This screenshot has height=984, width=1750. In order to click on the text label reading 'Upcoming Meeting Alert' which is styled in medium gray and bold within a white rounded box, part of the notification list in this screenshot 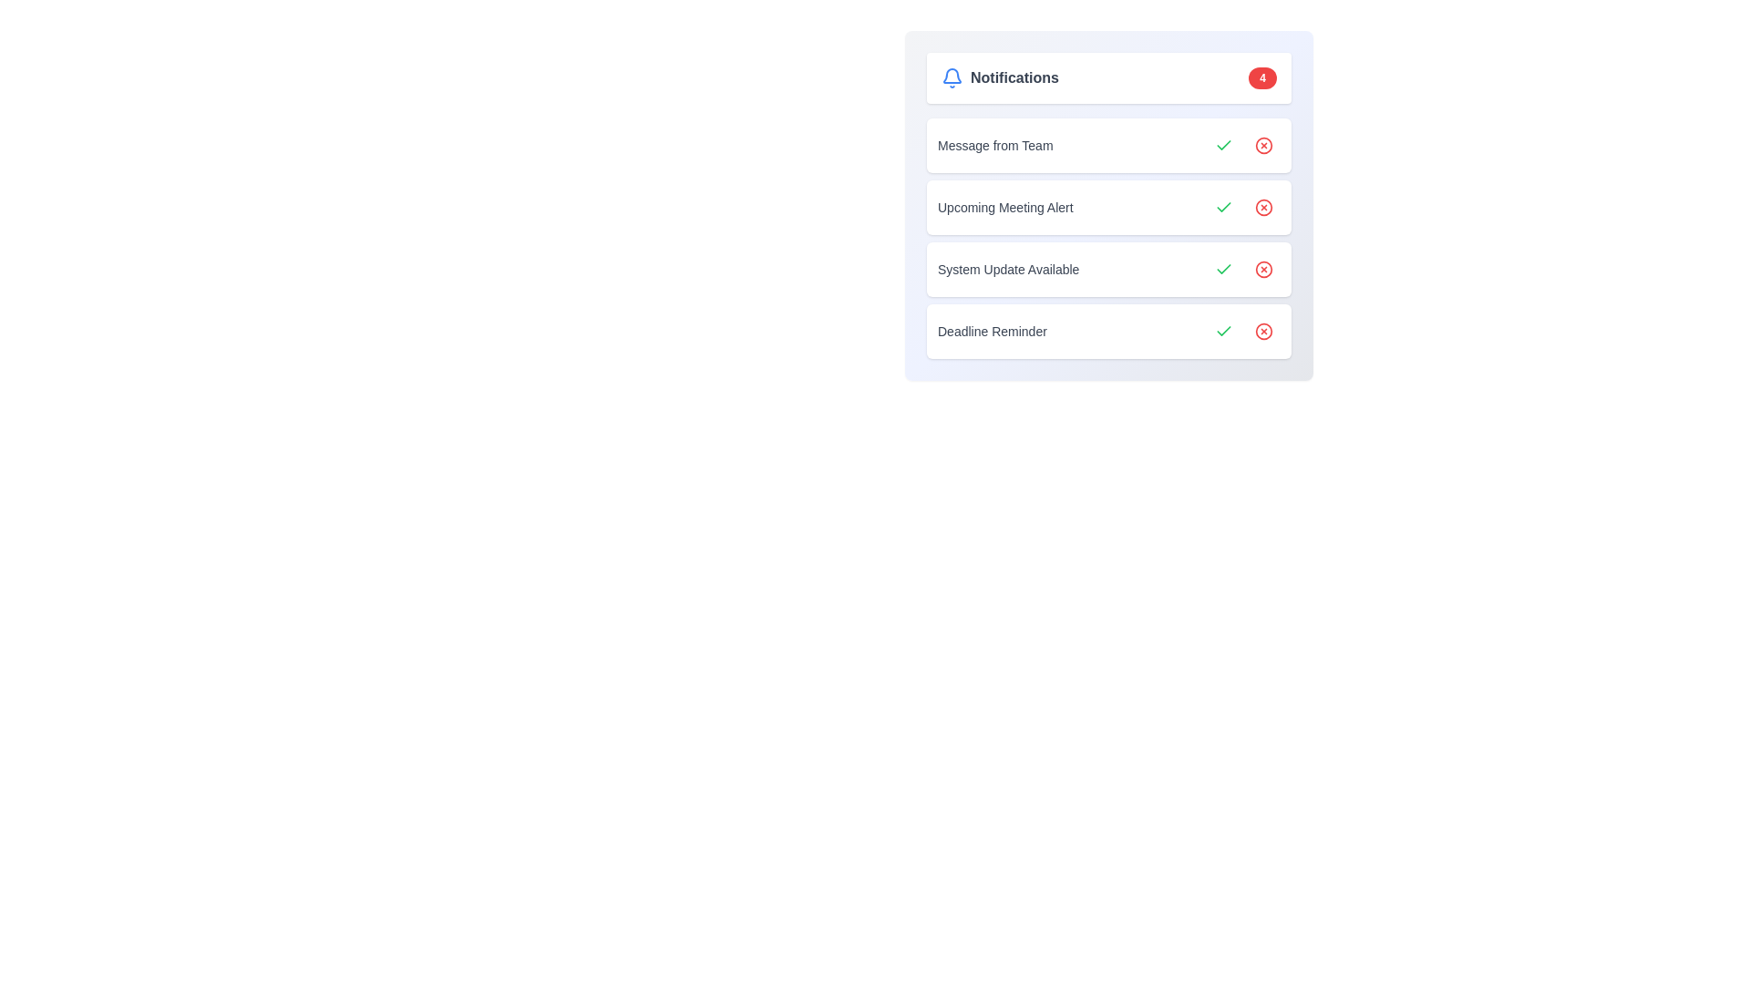, I will do `click(1004, 206)`.